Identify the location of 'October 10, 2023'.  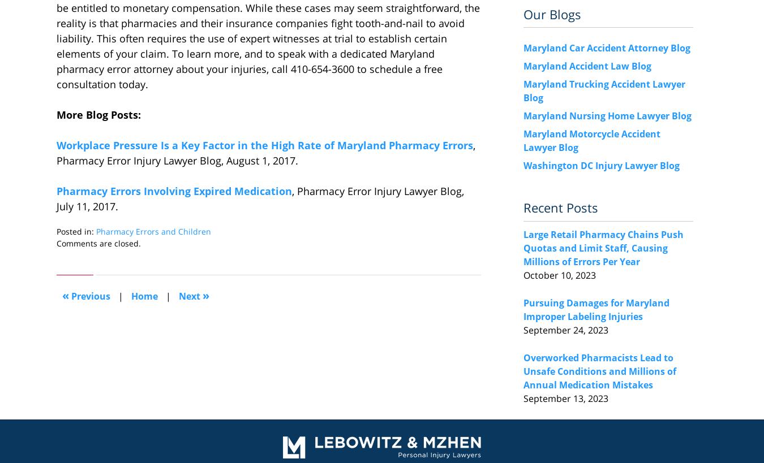
(523, 274).